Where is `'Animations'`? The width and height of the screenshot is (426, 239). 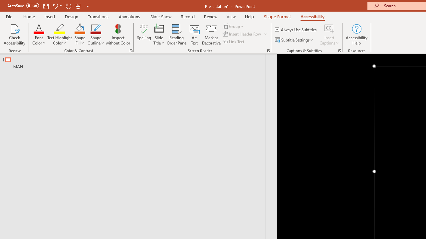 'Animations' is located at coordinates (129, 16).